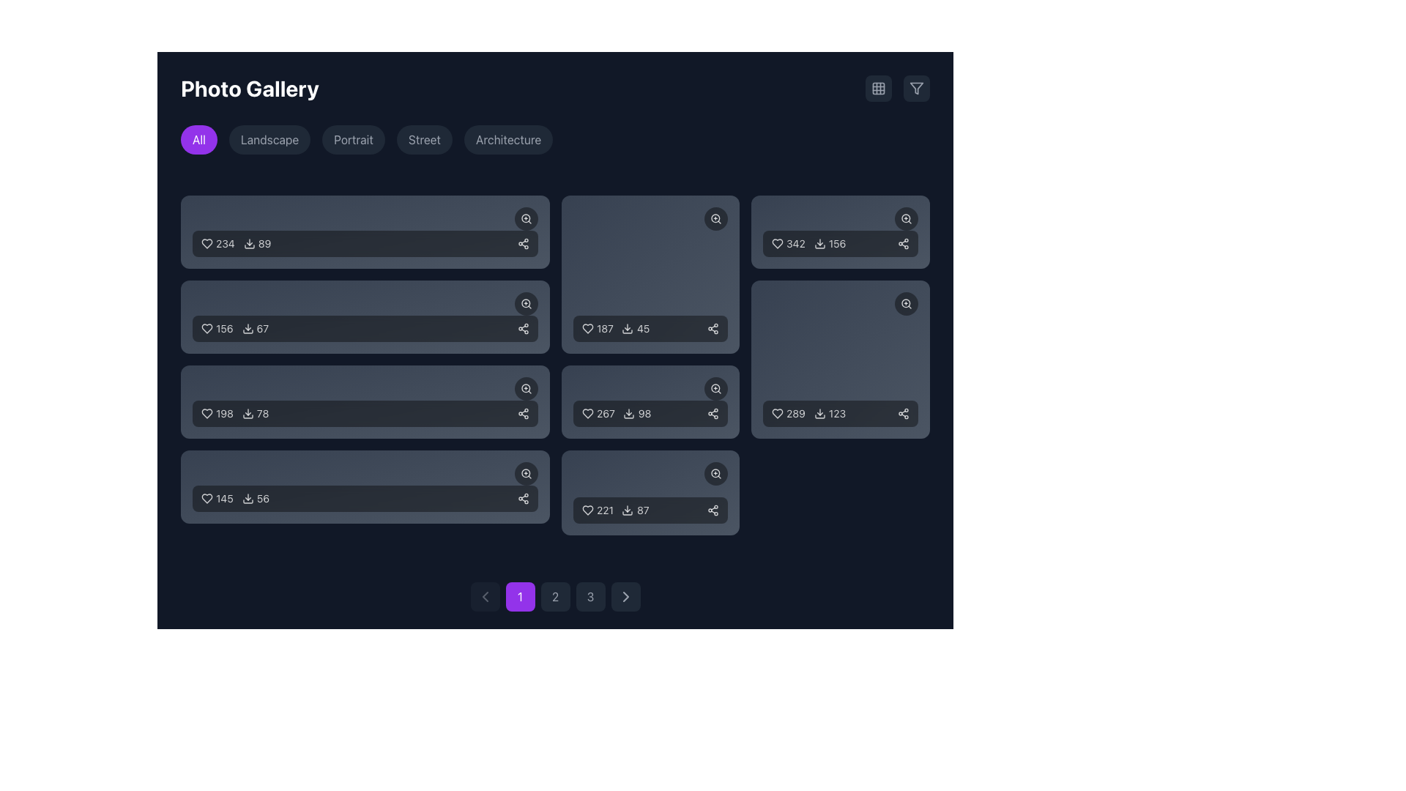 This screenshot has width=1406, height=791. I want to click on the zoom button located at the top-right corner of the image statistics card, specifically in the second row and third column, to observe the visual effect, so click(526, 388).